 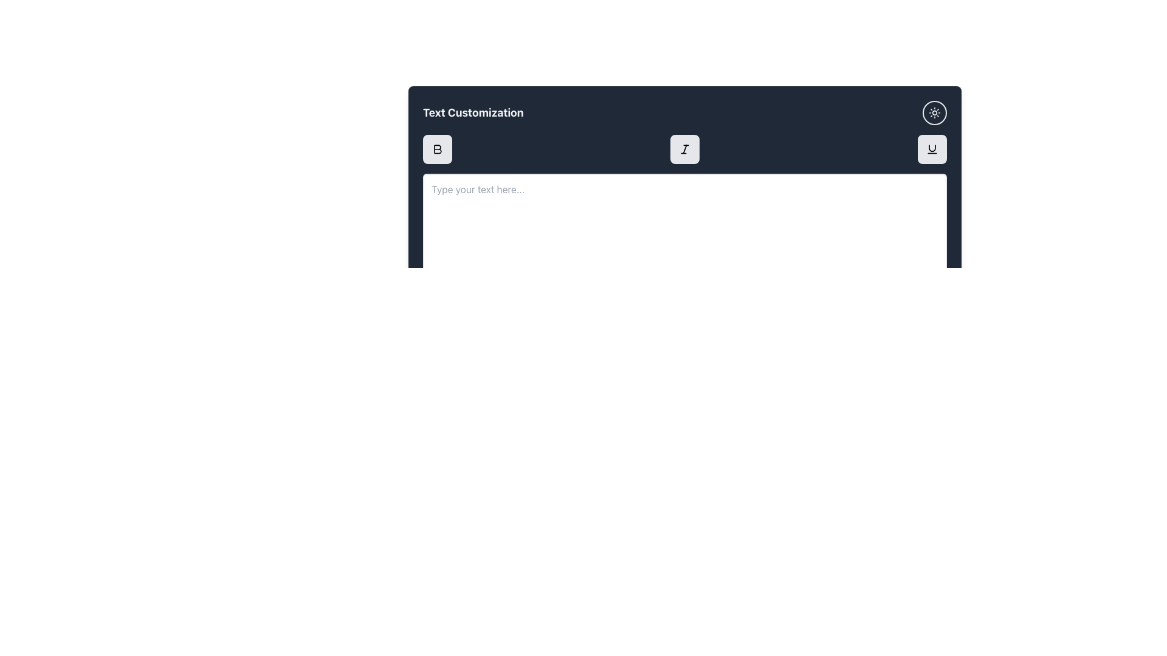 I want to click on the second button from the left in the text customization toolbar at the top of the interface, so click(x=685, y=149).